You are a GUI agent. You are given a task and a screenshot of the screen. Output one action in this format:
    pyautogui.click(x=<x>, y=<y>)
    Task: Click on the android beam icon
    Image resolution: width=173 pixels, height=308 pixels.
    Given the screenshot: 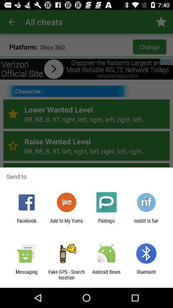 What is the action you would take?
    pyautogui.click(x=106, y=274)
    